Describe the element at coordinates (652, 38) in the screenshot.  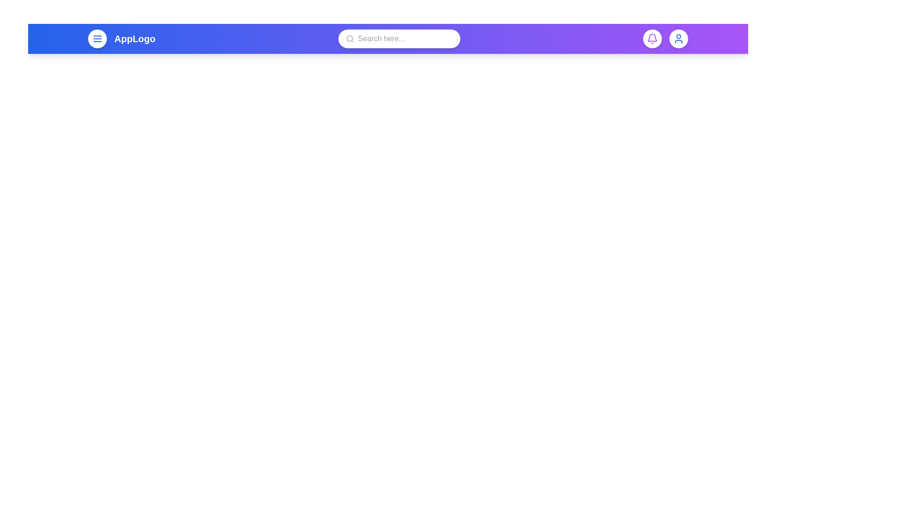
I see `the bell icon to view notifications` at that location.